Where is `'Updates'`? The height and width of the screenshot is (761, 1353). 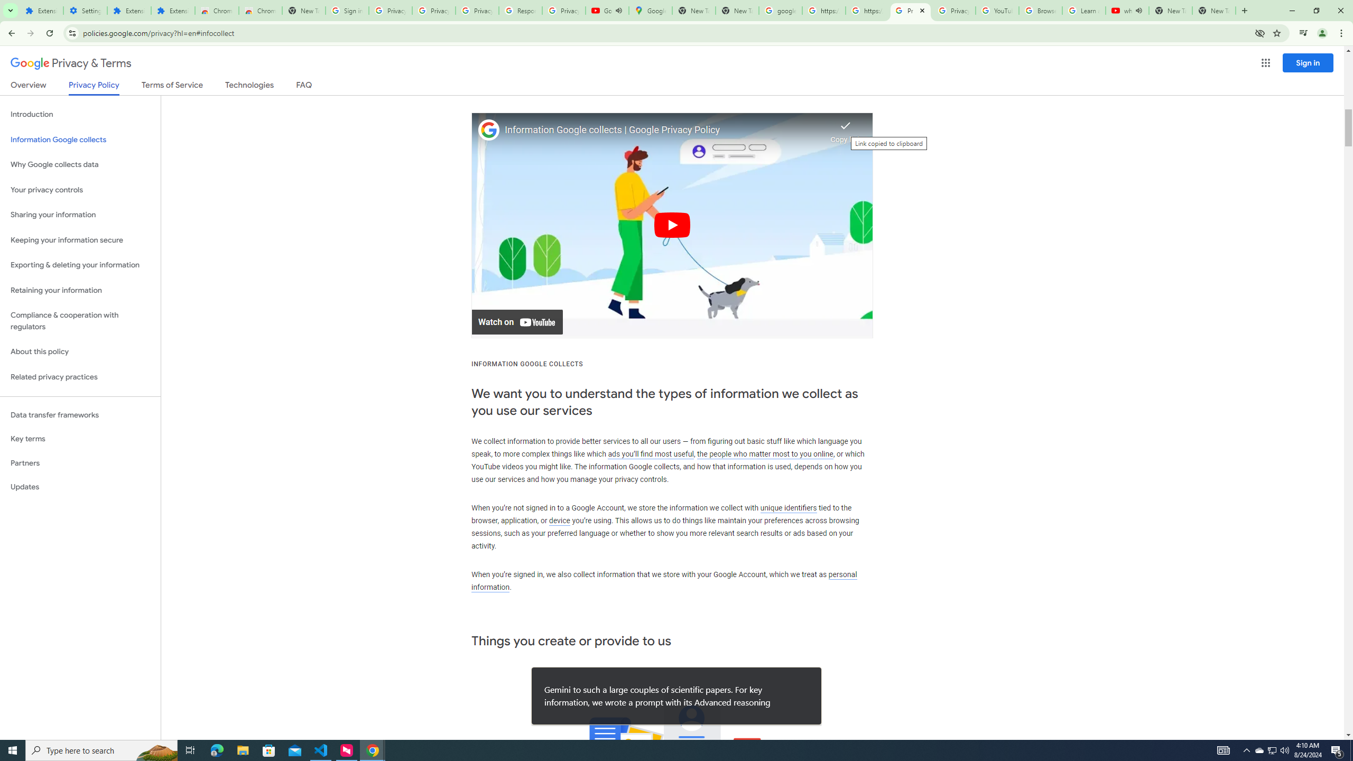
'Updates' is located at coordinates (80, 486).